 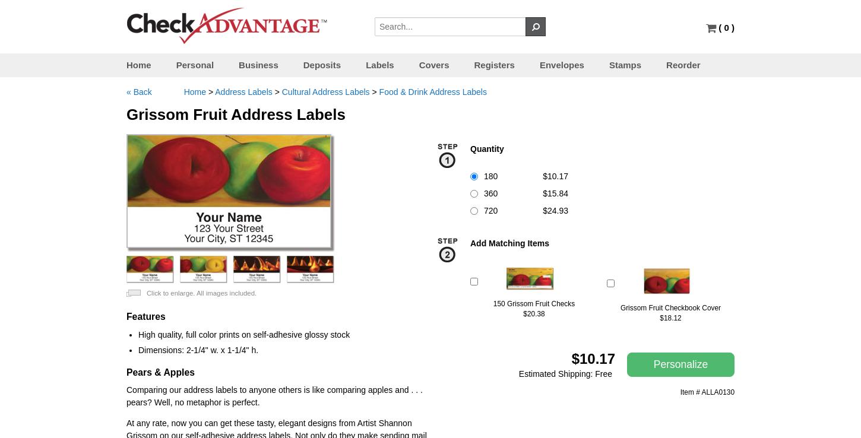 What do you see at coordinates (379, 64) in the screenshot?
I see `'Labels'` at bounding box center [379, 64].